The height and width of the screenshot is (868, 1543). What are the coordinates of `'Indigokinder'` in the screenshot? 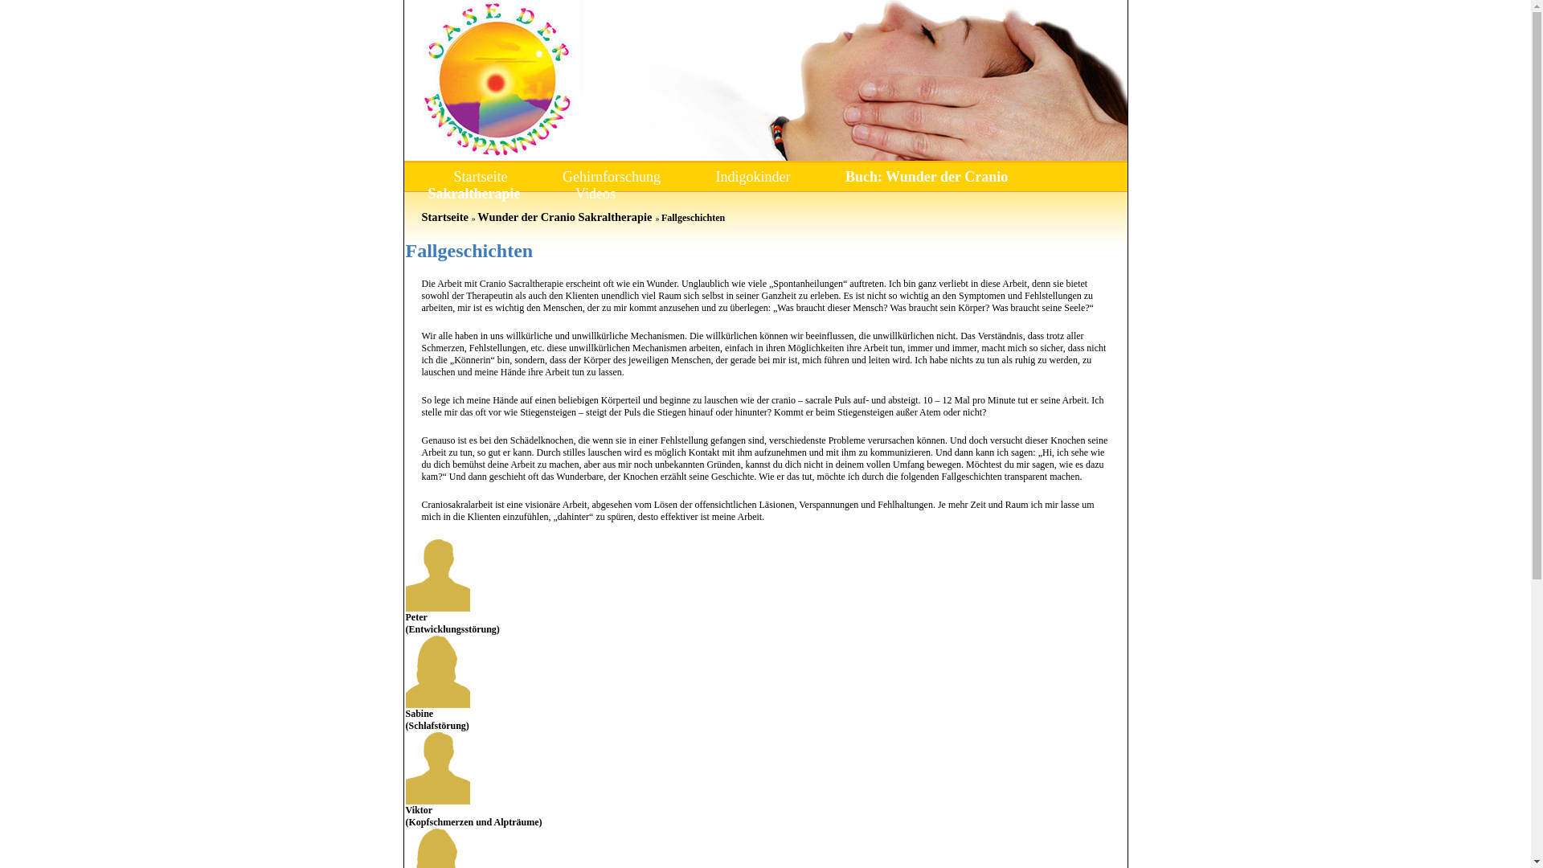 It's located at (751, 176).